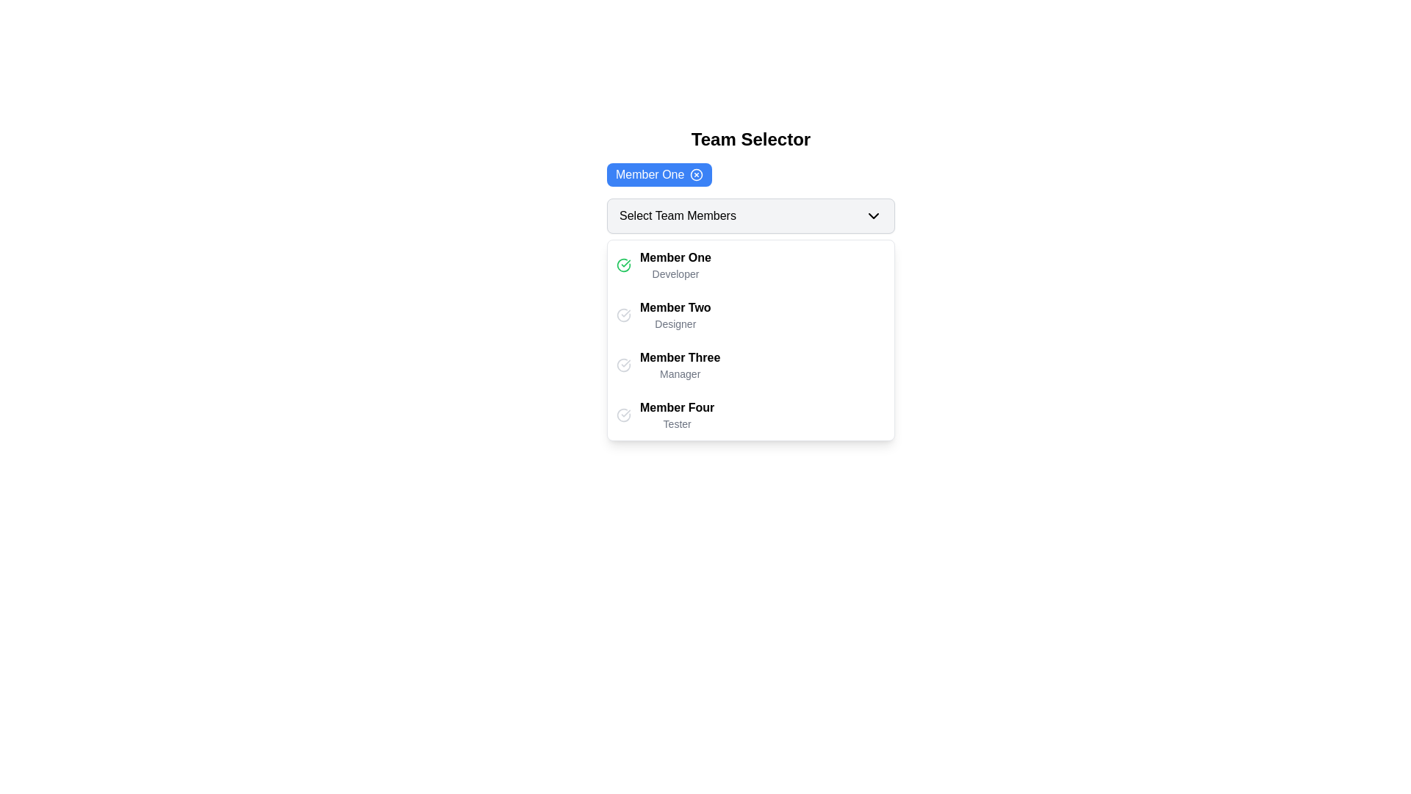  I want to click on the third list entry in the 'Select Team Members' section, so click(751, 340).